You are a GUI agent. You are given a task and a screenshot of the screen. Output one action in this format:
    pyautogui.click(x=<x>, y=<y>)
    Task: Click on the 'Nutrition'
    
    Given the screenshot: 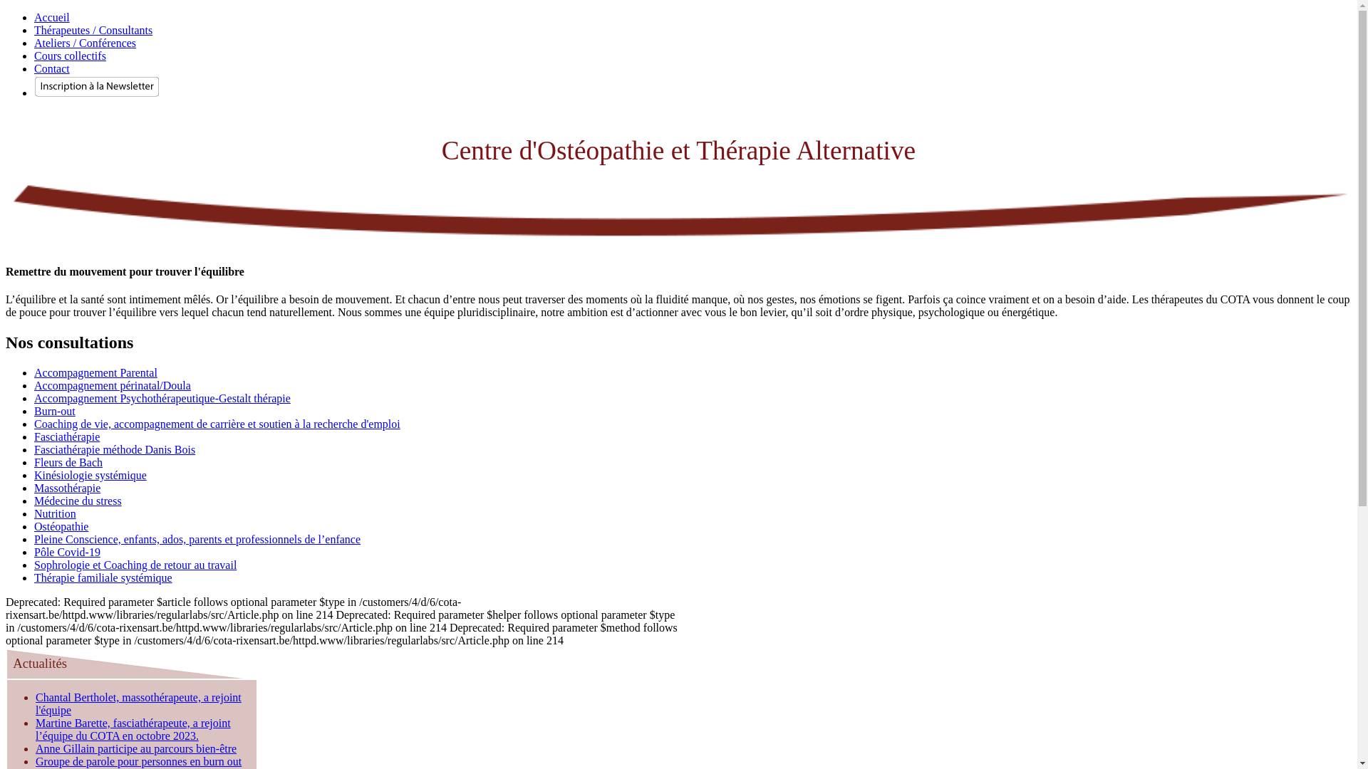 What is the action you would take?
    pyautogui.click(x=55, y=513)
    